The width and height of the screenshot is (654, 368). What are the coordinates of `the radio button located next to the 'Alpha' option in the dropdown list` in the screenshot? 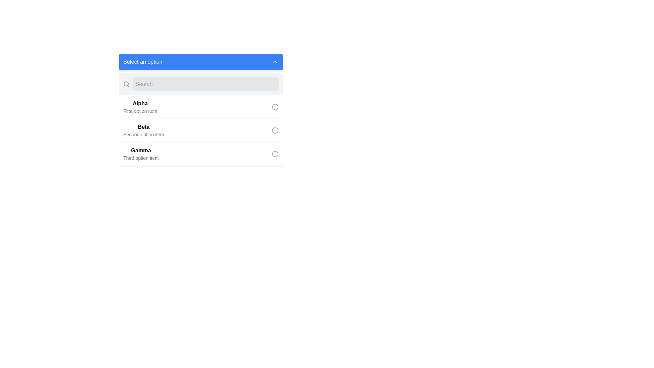 It's located at (275, 107).